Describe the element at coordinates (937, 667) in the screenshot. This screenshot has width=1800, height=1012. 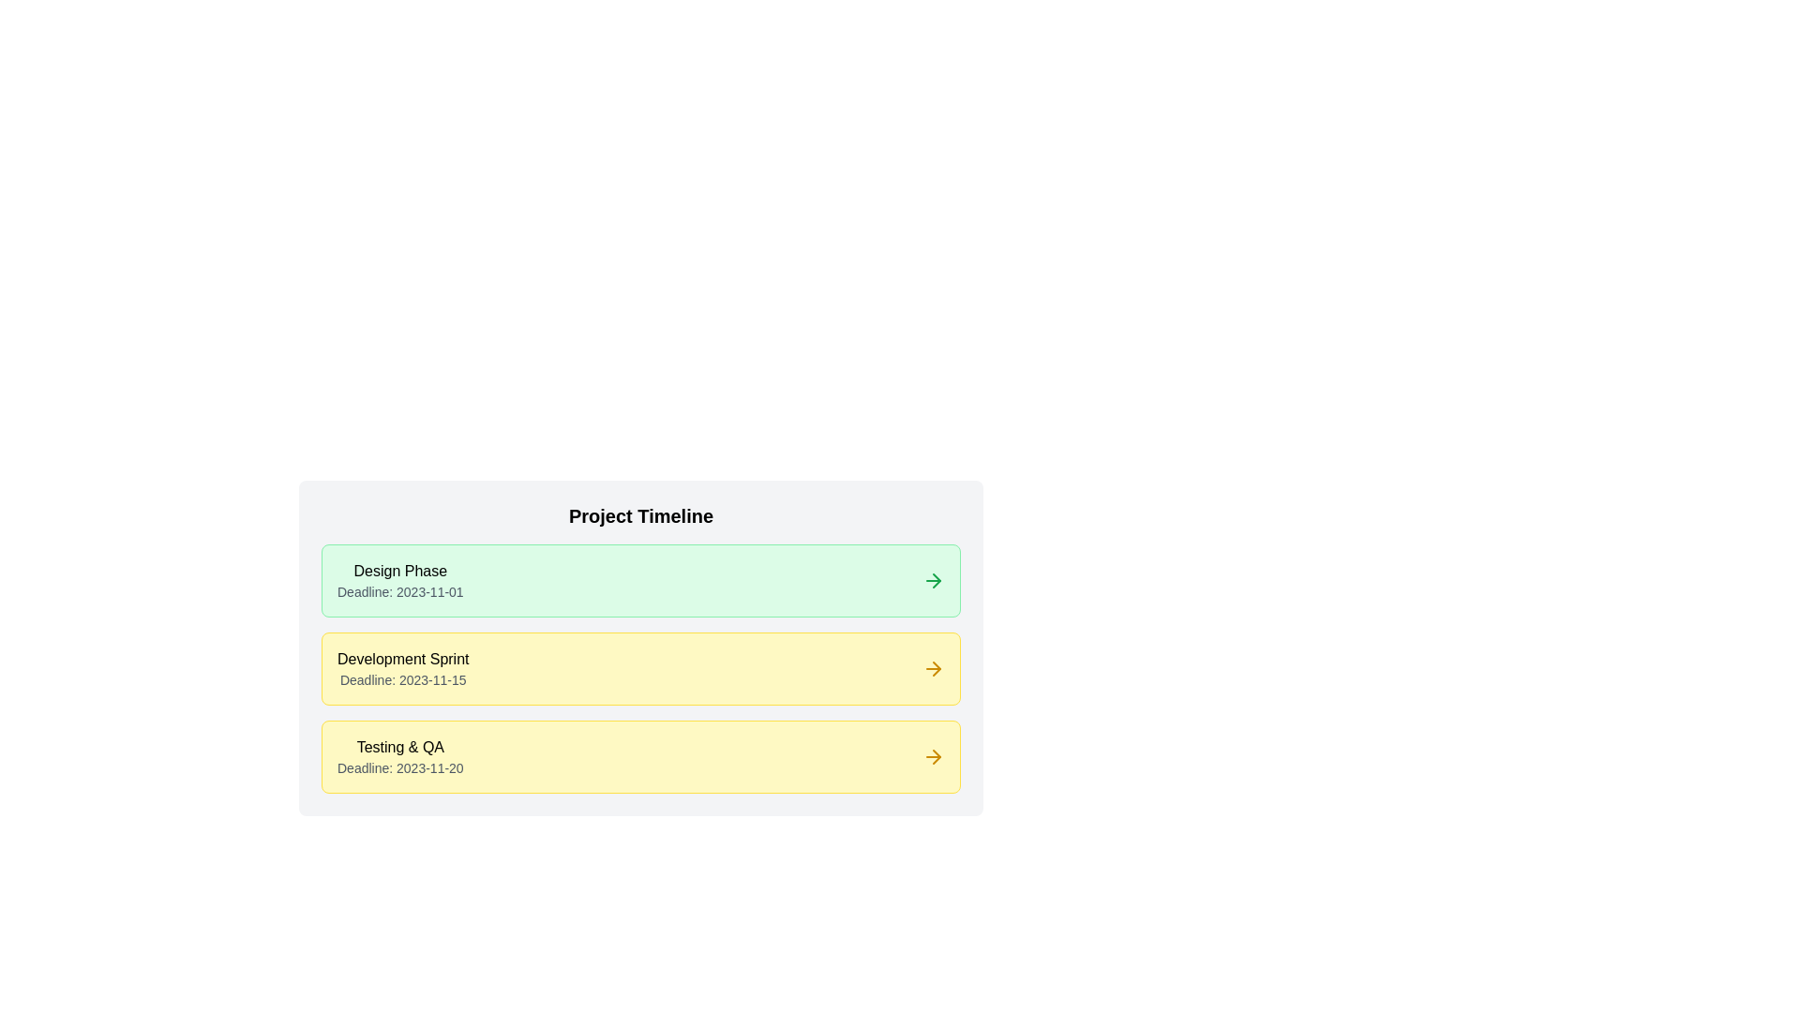
I see `the yellowish arrow-shaped vector graphic element within the SVG, which is aligned towards the right edge of the development sprint box in the timeline` at that location.